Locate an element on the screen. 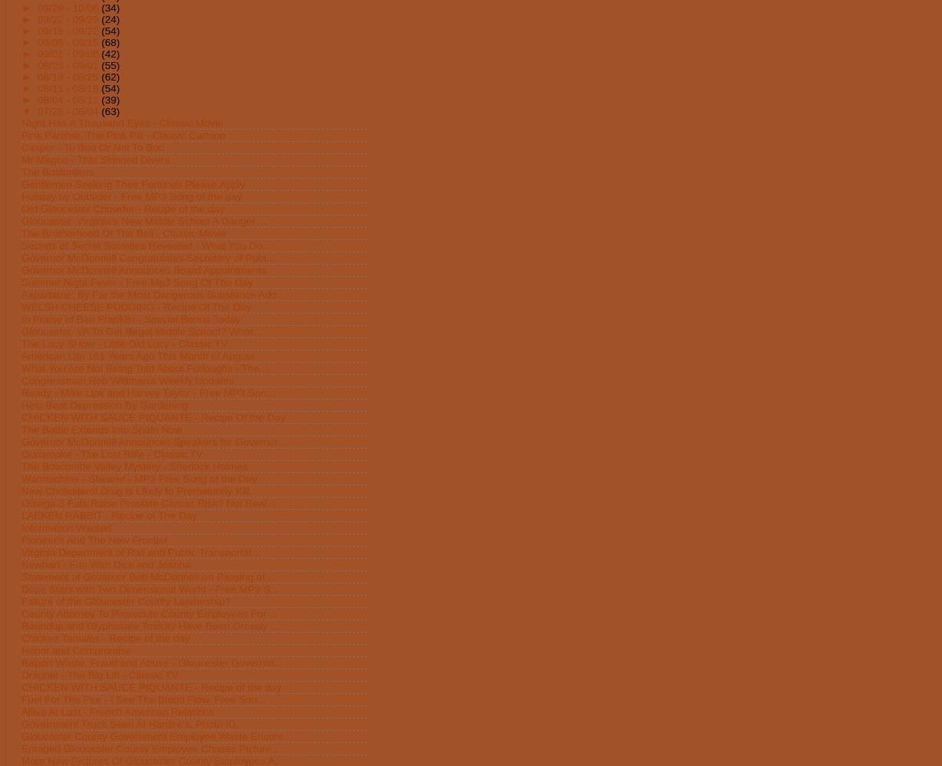 This screenshot has height=766, width=942. 'Gunsmoke  - The Lost Rifle - Classic TV' is located at coordinates (112, 453).